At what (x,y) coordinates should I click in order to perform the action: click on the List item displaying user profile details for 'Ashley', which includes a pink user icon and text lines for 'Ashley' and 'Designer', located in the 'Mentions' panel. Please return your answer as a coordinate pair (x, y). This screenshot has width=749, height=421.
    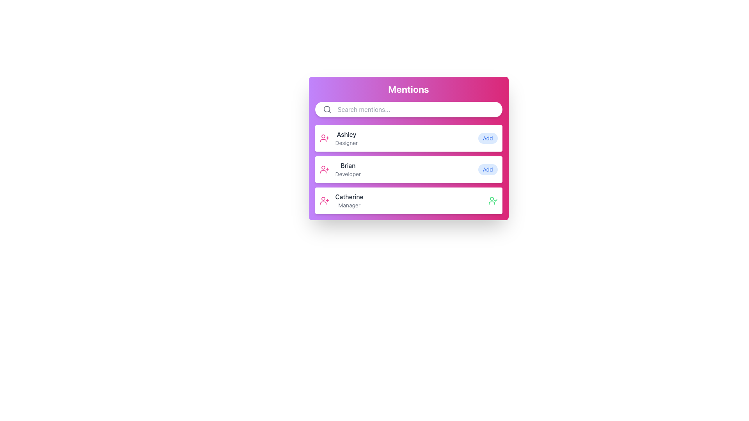
    Looking at the image, I should click on (339, 138).